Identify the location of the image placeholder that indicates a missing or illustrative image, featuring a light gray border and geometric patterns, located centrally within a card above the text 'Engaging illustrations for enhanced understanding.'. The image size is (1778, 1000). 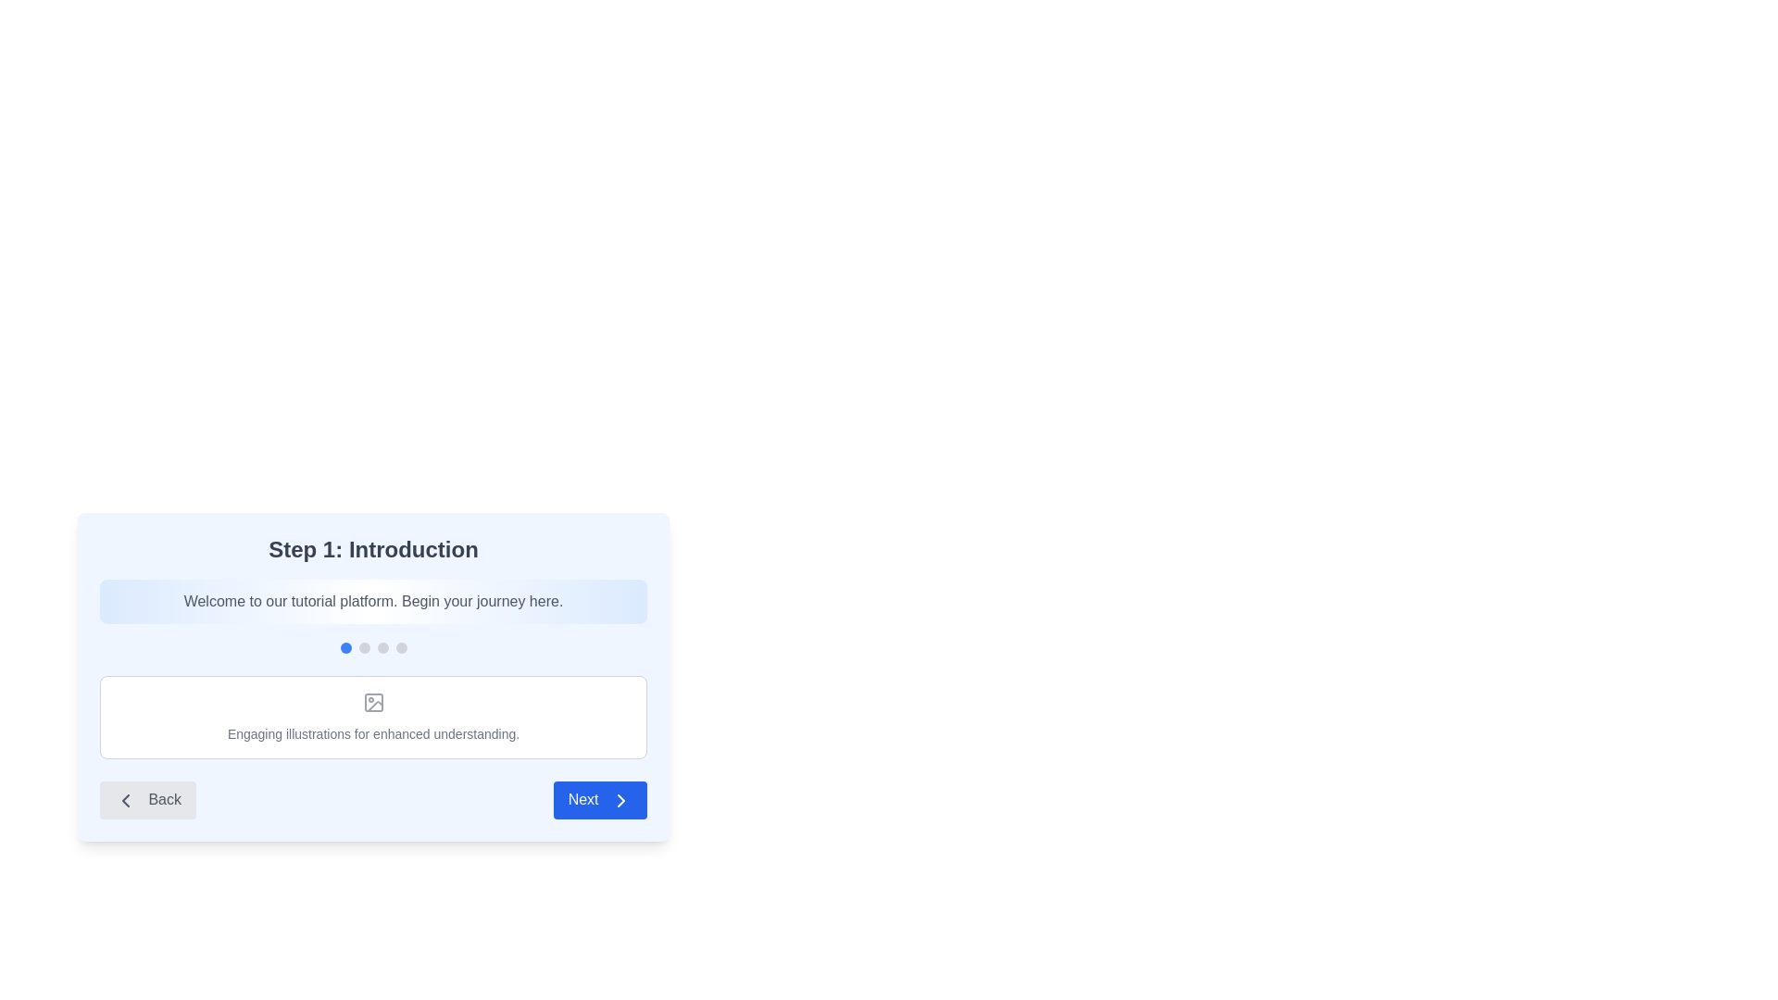
(372, 703).